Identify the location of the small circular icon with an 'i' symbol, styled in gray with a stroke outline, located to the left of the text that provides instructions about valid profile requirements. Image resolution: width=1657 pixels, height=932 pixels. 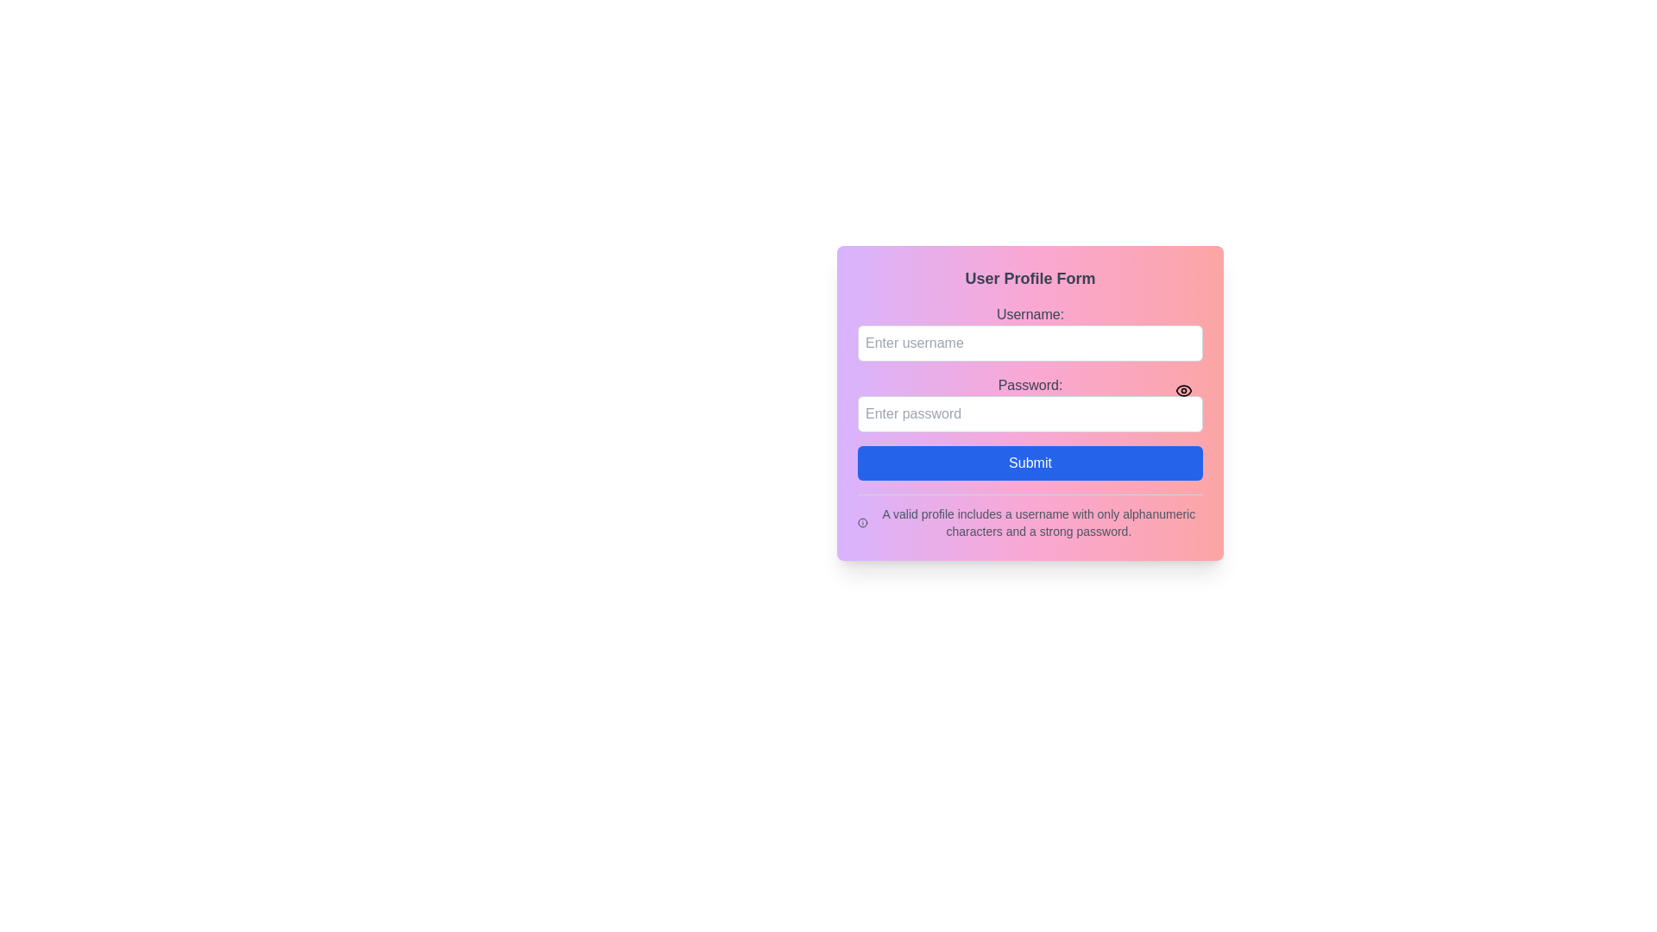
(862, 521).